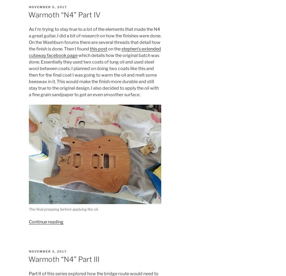 The image size is (286, 276). What do you see at coordinates (63, 259) in the screenshot?
I see `'Warmoth “N4” Part III'` at bounding box center [63, 259].